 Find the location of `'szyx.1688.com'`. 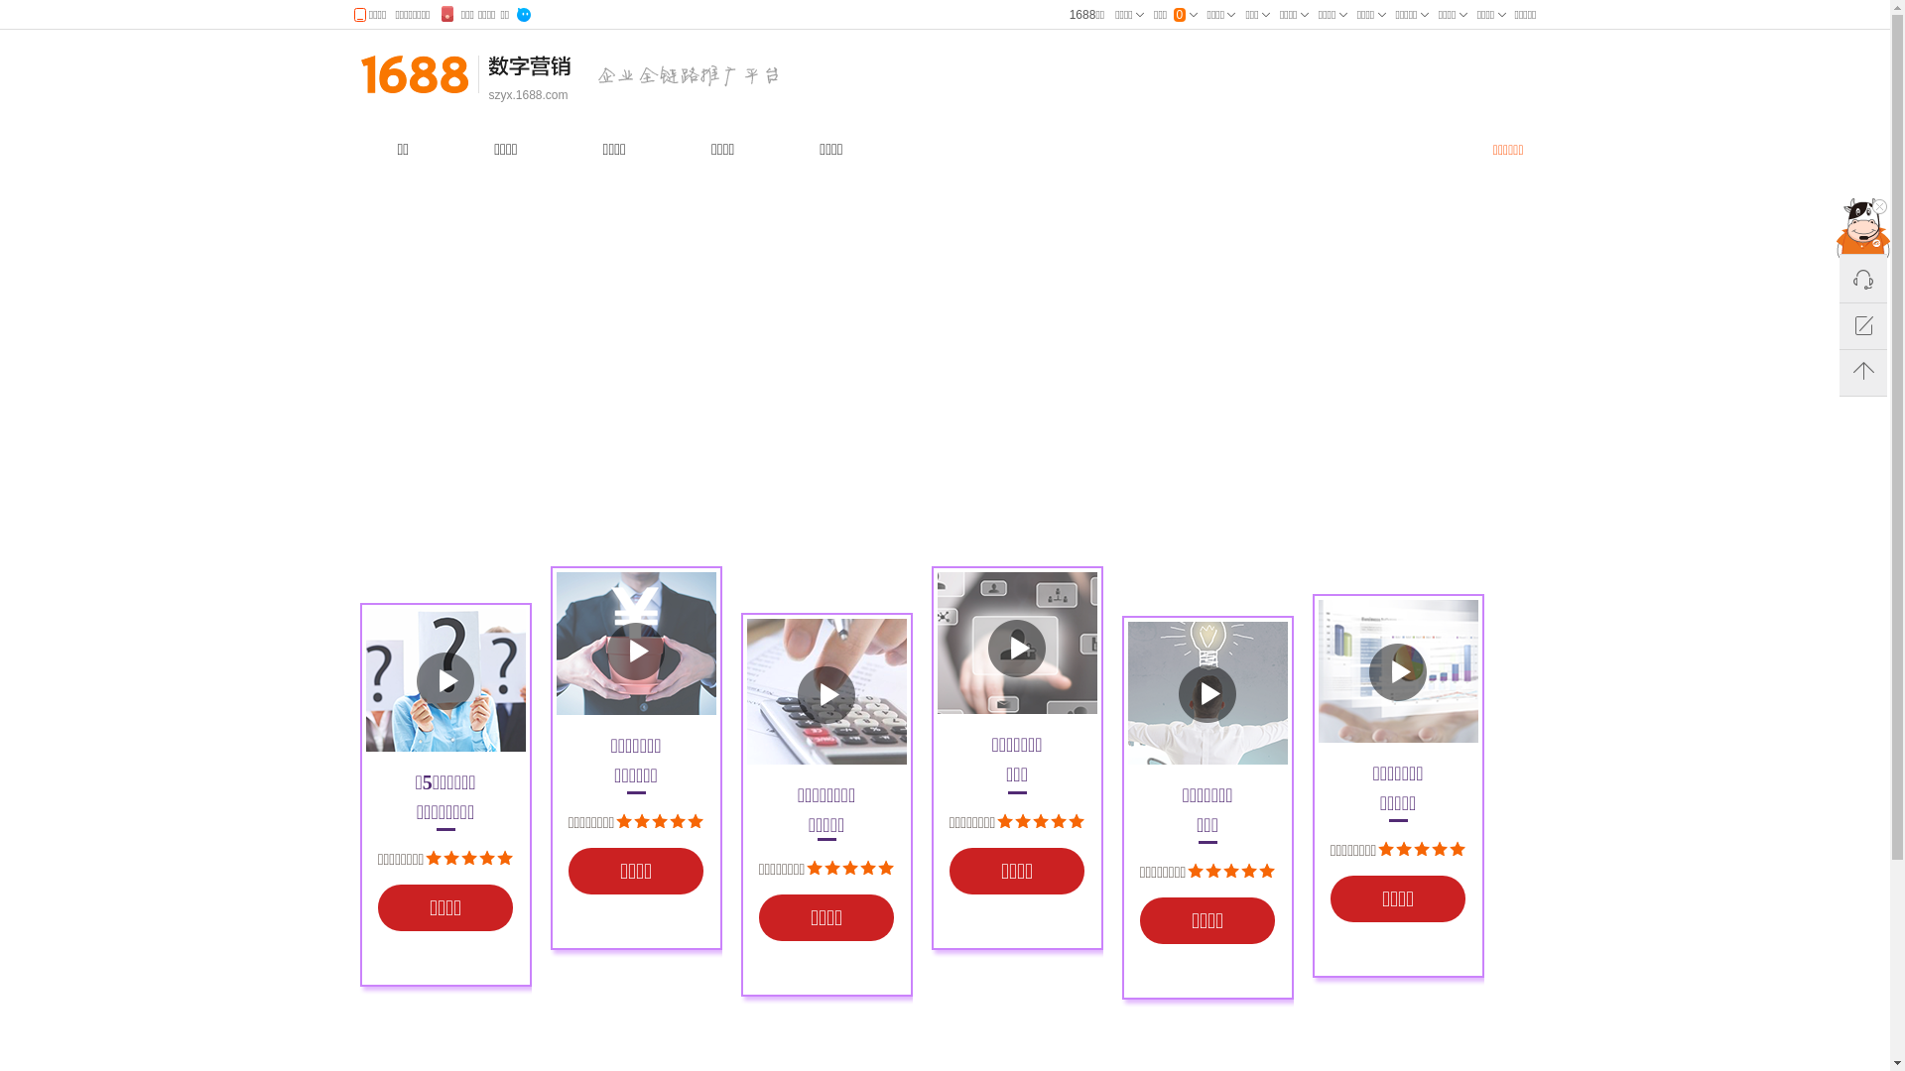

'szyx.1688.com' is located at coordinates (487, 95).